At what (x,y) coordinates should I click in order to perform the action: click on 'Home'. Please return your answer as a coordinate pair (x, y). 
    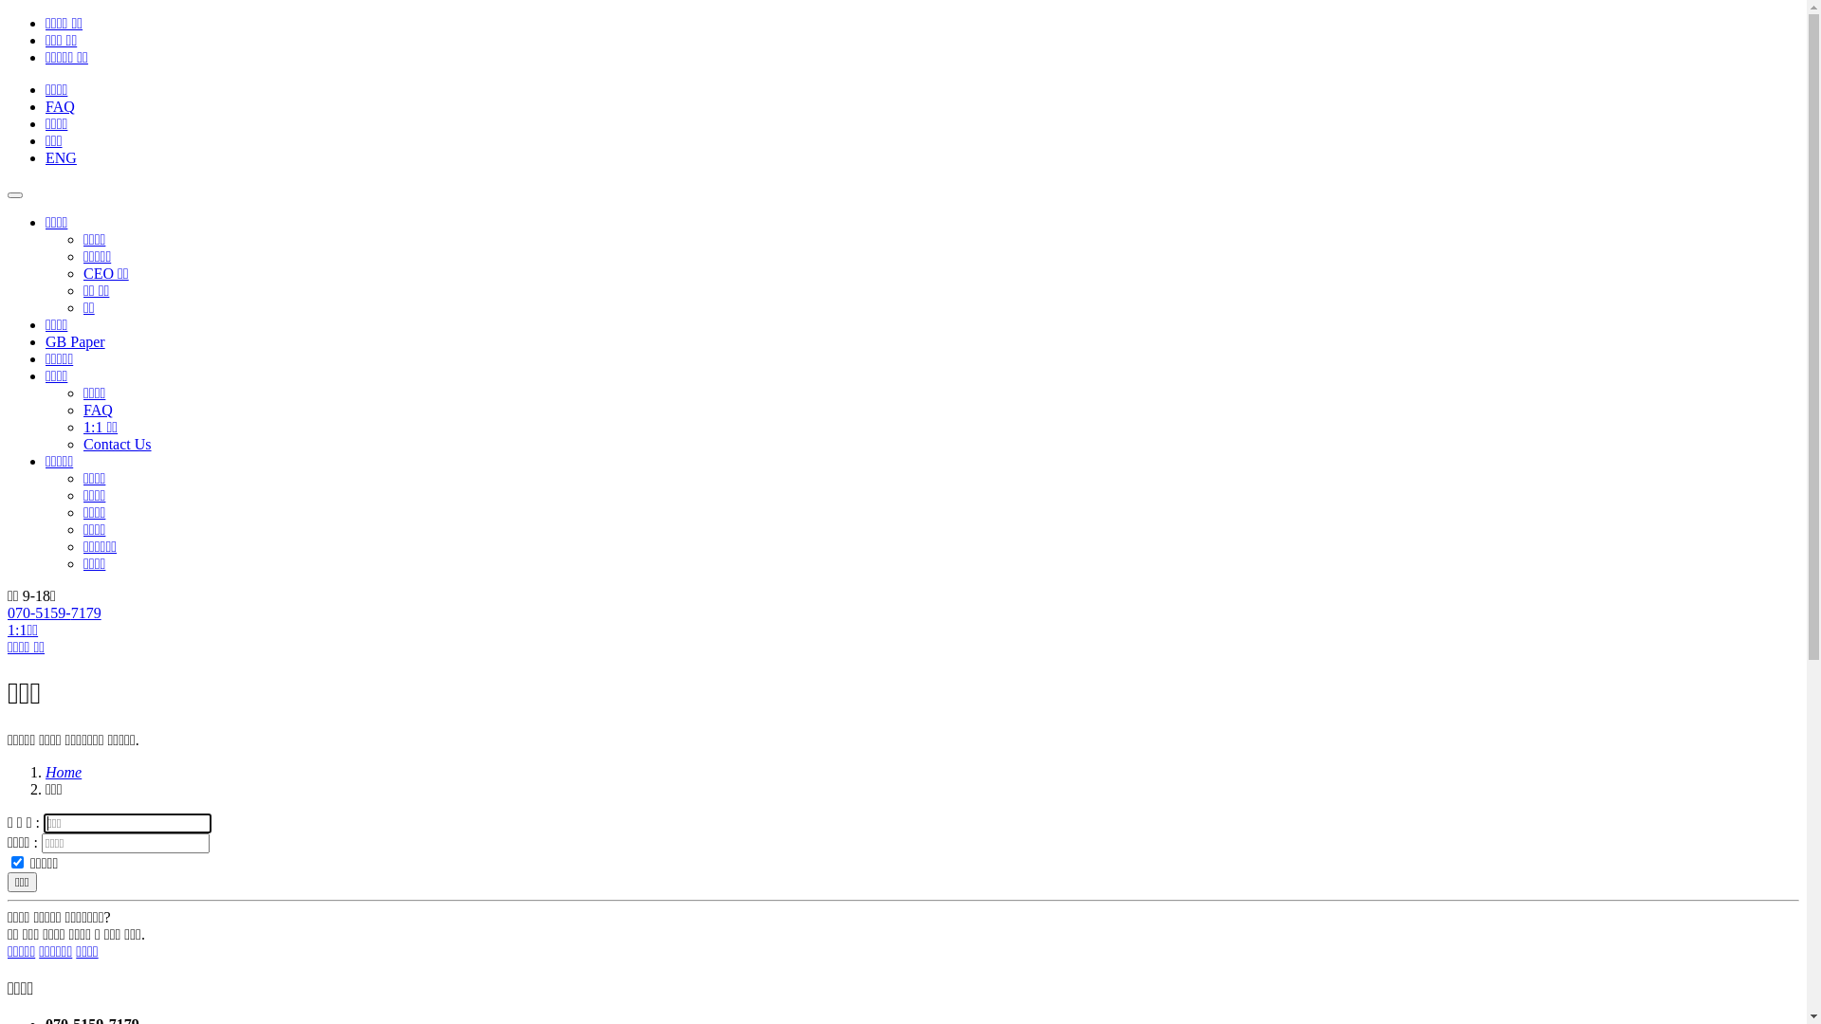
    Looking at the image, I should click on (64, 772).